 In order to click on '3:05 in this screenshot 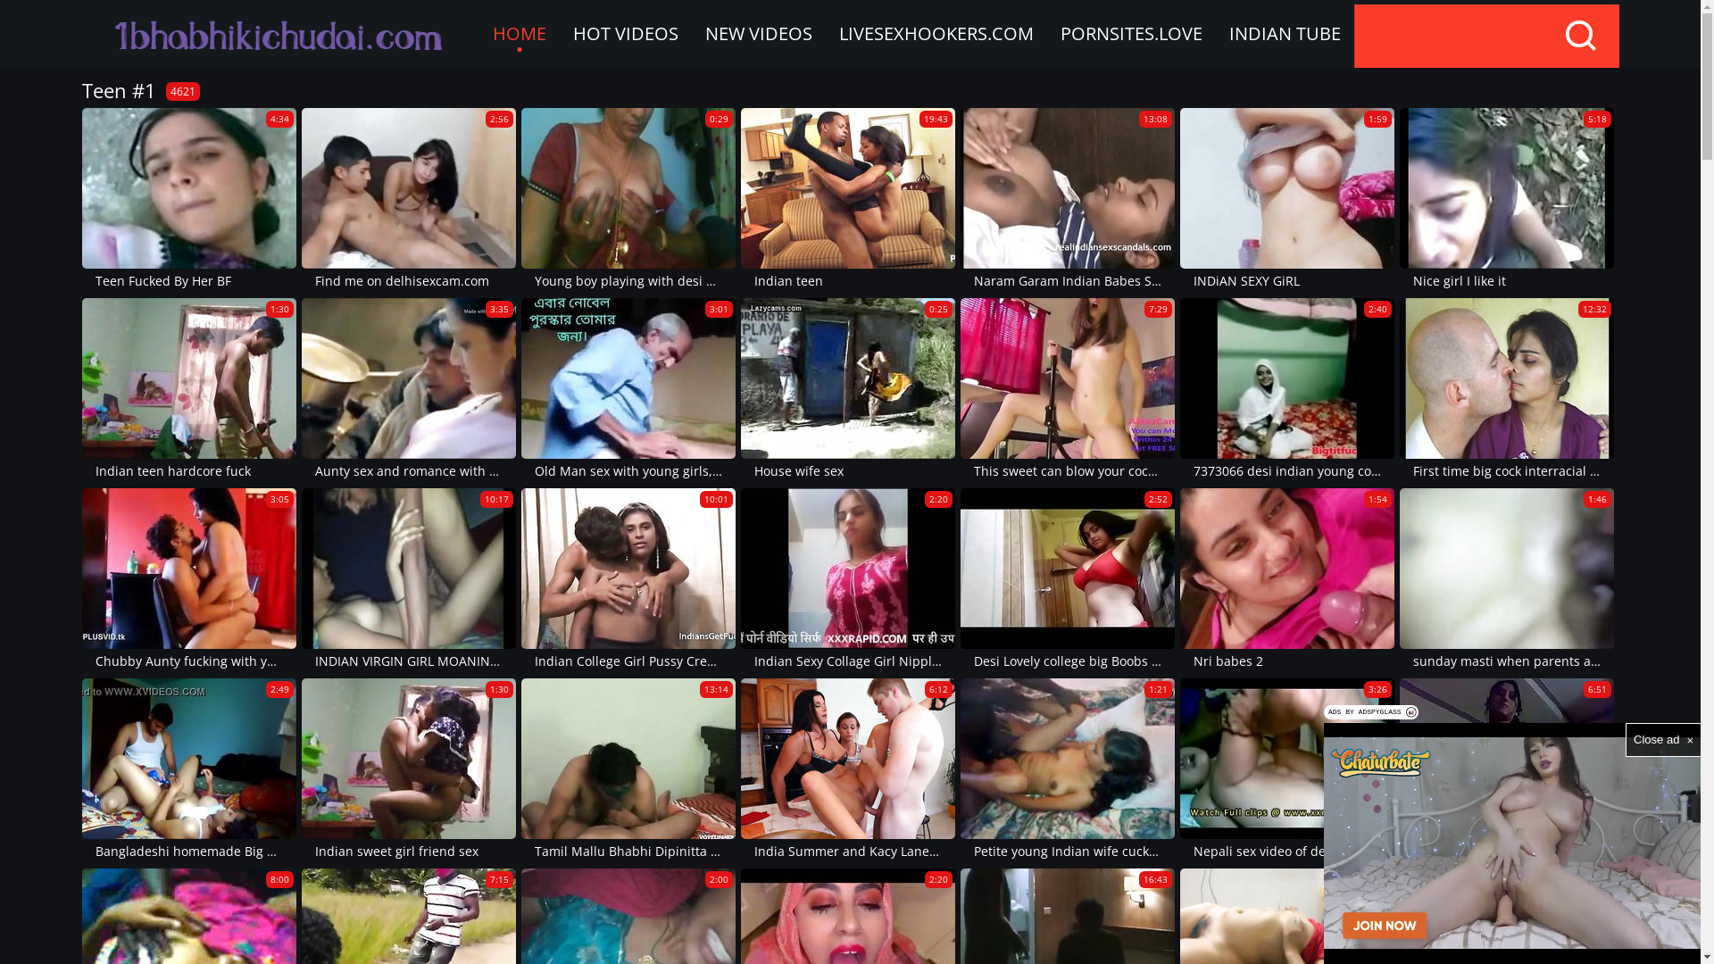, I will do `click(188, 580)`.